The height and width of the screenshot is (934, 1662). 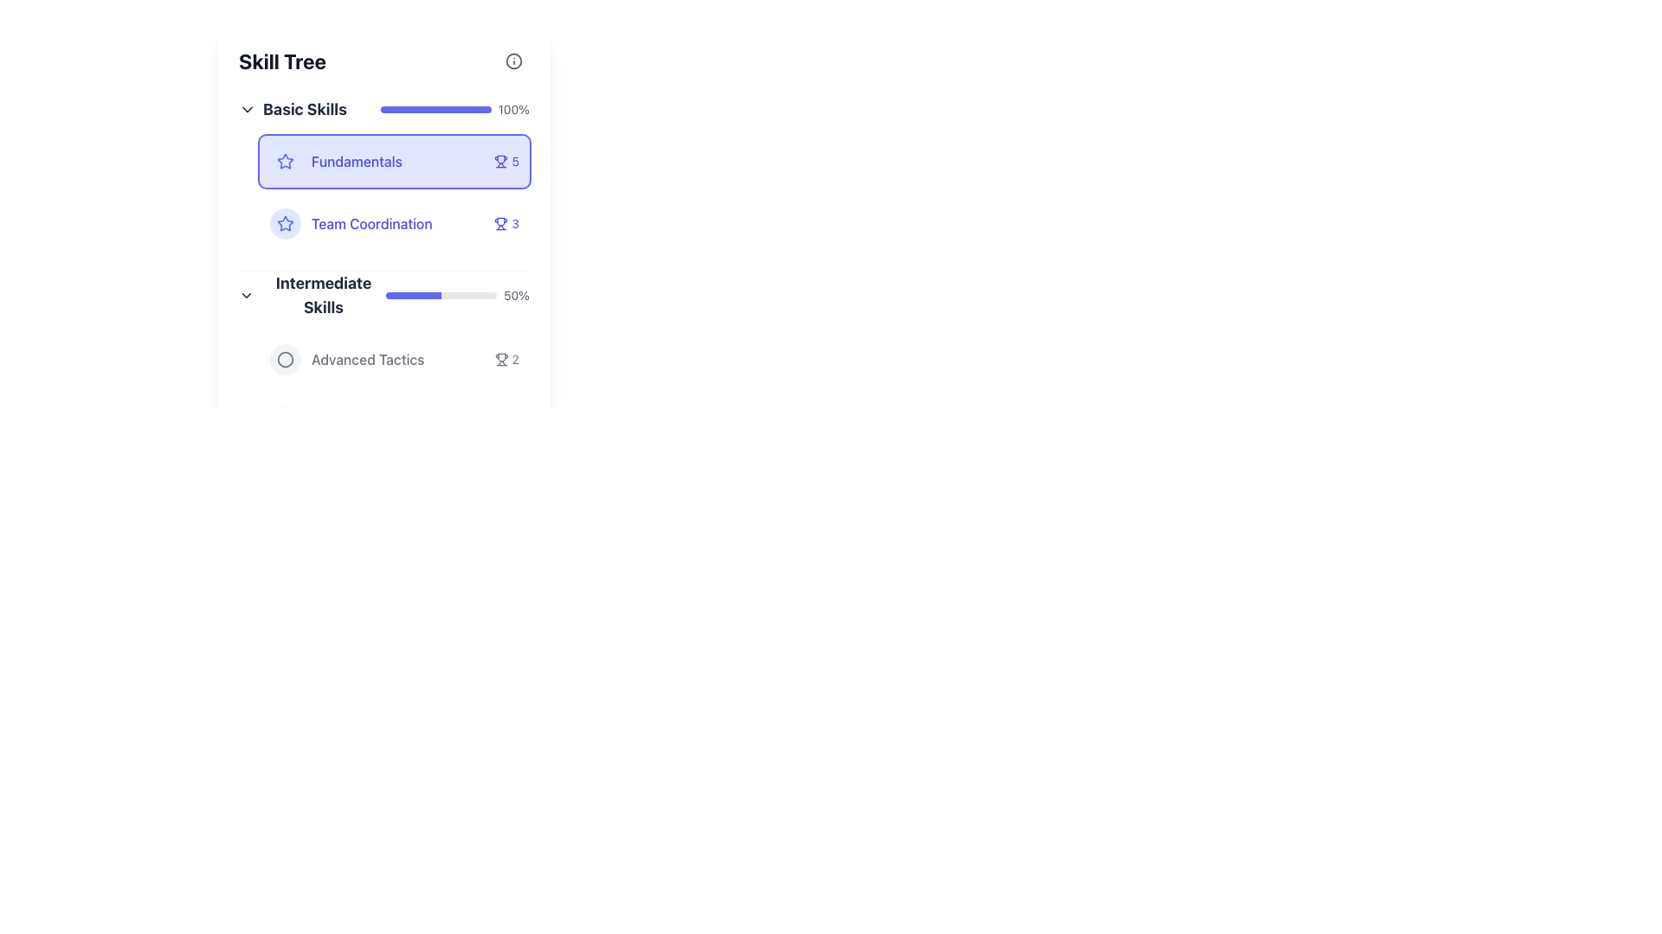 What do you see at coordinates (500, 159) in the screenshot?
I see `the trophy icon representing achievements in the 'Fundamentals' section of the 'Basic Skills' category` at bounding box center [500, 159].